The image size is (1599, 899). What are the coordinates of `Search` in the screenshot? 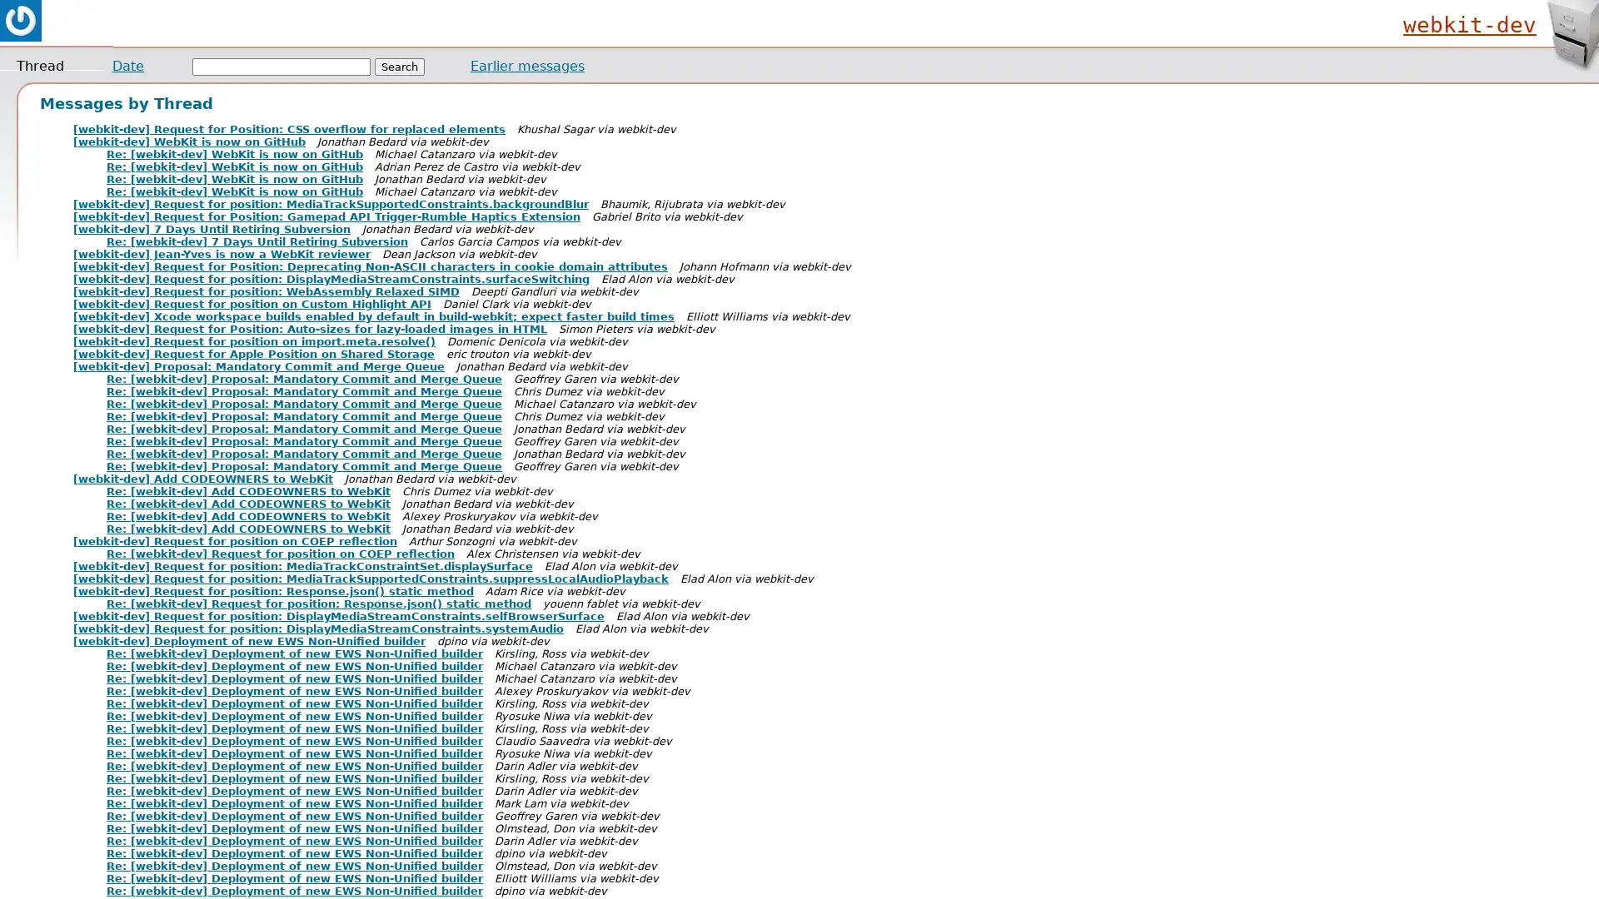 It's located at (400, 66).